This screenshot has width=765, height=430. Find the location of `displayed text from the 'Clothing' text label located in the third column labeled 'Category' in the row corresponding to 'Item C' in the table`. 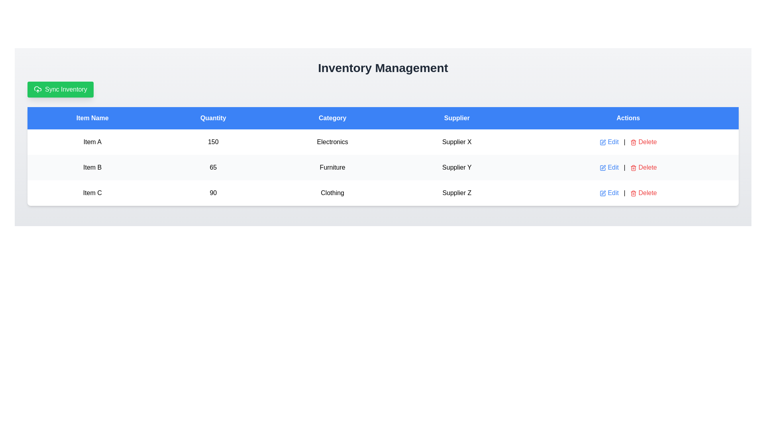

displayed text from the 'Clothing' text label located in the third column labeled 'Category' in the row corresponding to 'Item C' in the table is located at coordinates (332, 193).